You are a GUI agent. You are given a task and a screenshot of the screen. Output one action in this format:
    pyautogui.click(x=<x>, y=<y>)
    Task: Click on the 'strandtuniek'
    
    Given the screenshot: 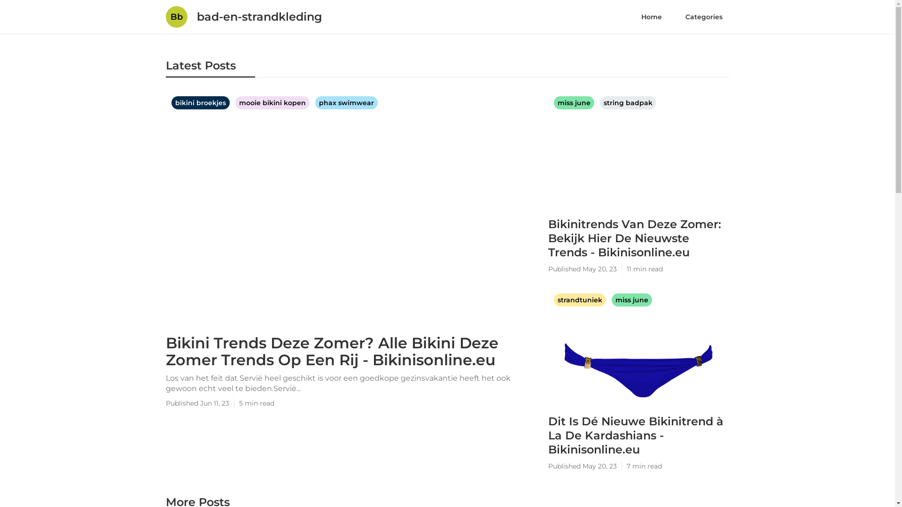 What is the action you would take?
    pyautogui.click(x=553, y=300)
    